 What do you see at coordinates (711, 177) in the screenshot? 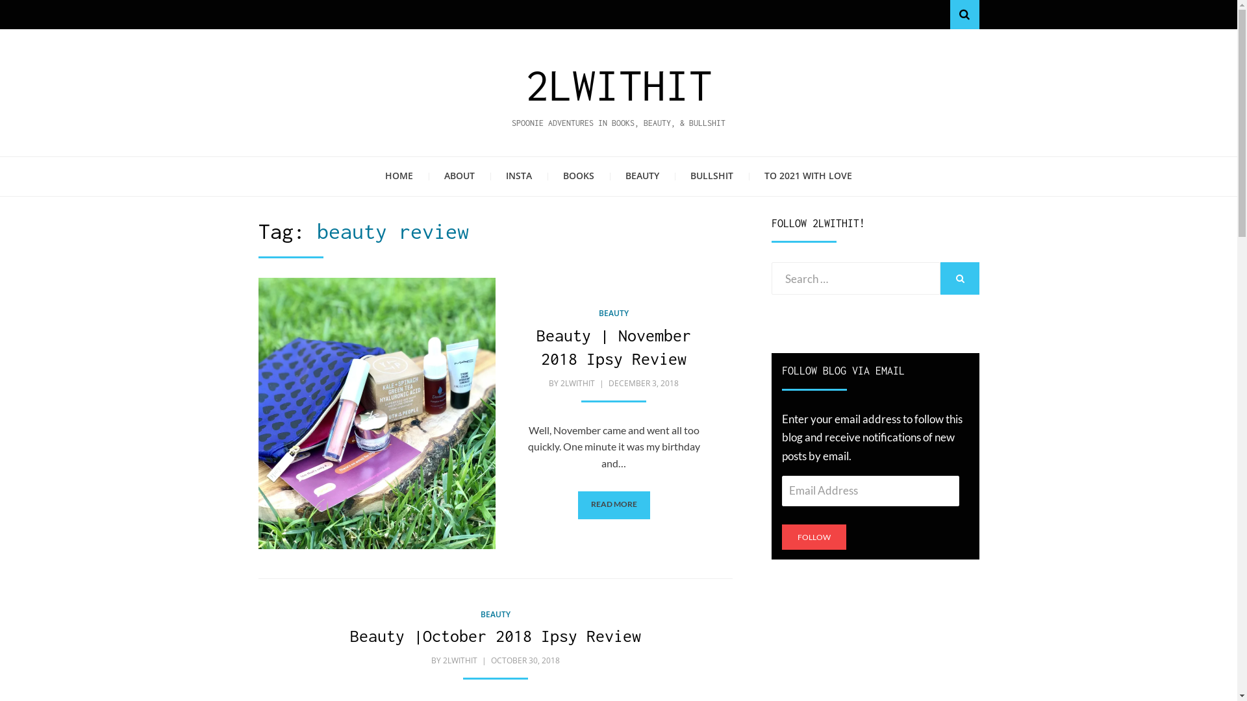
I see `'BULLSHIT'` at bounding box center [711, 177].